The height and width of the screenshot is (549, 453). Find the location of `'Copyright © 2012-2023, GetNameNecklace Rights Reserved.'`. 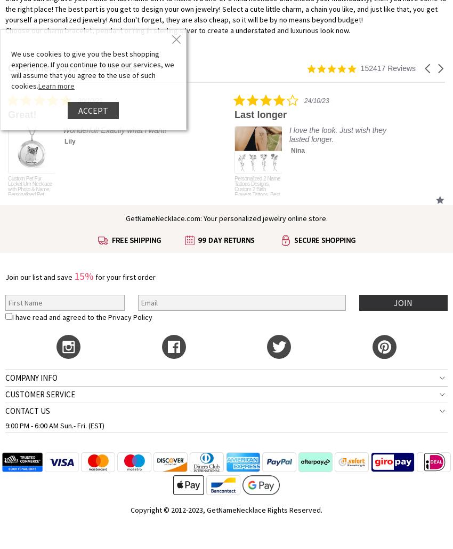

'Copyright © 2012-2023, GetNameNecklace Rights Reserved.' is located at coordinates (226, 509).